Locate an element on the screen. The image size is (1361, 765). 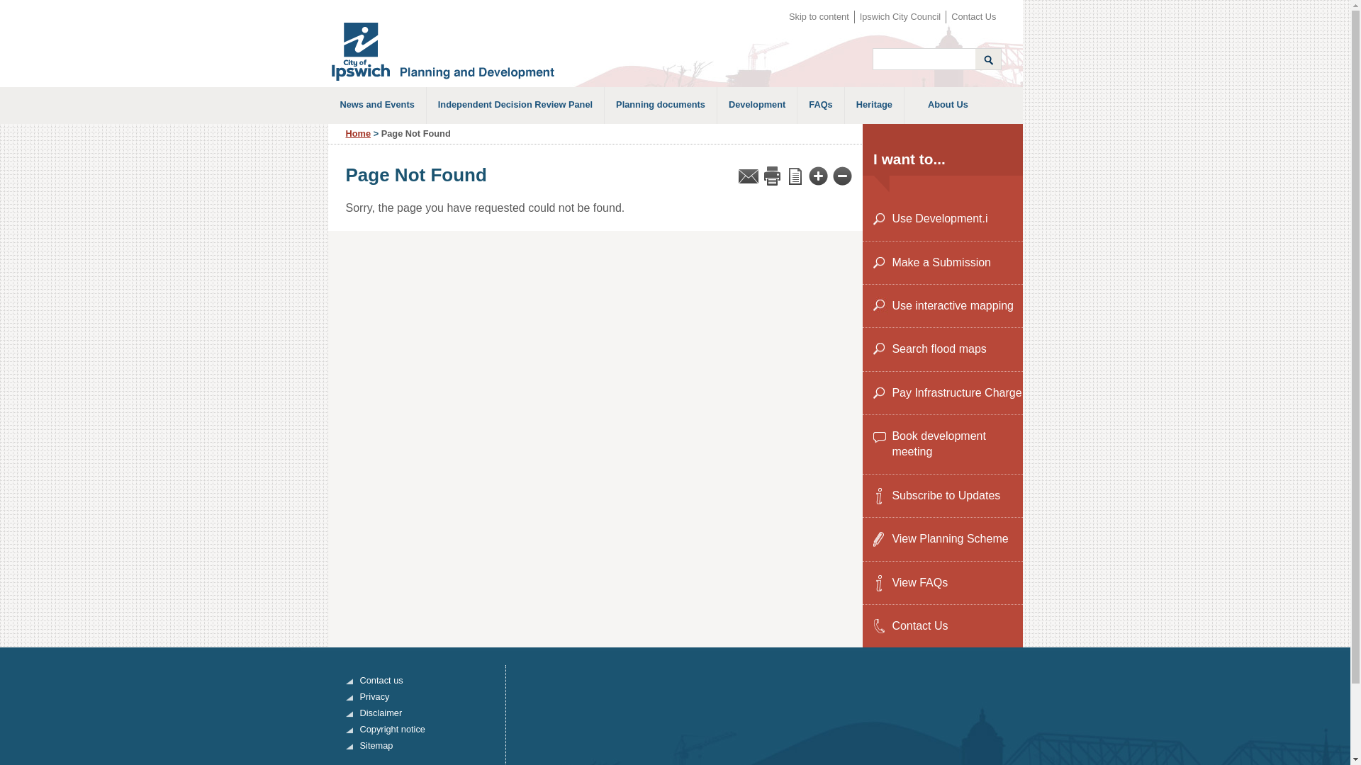
'FAQs' is located at coordinates (820, 105).